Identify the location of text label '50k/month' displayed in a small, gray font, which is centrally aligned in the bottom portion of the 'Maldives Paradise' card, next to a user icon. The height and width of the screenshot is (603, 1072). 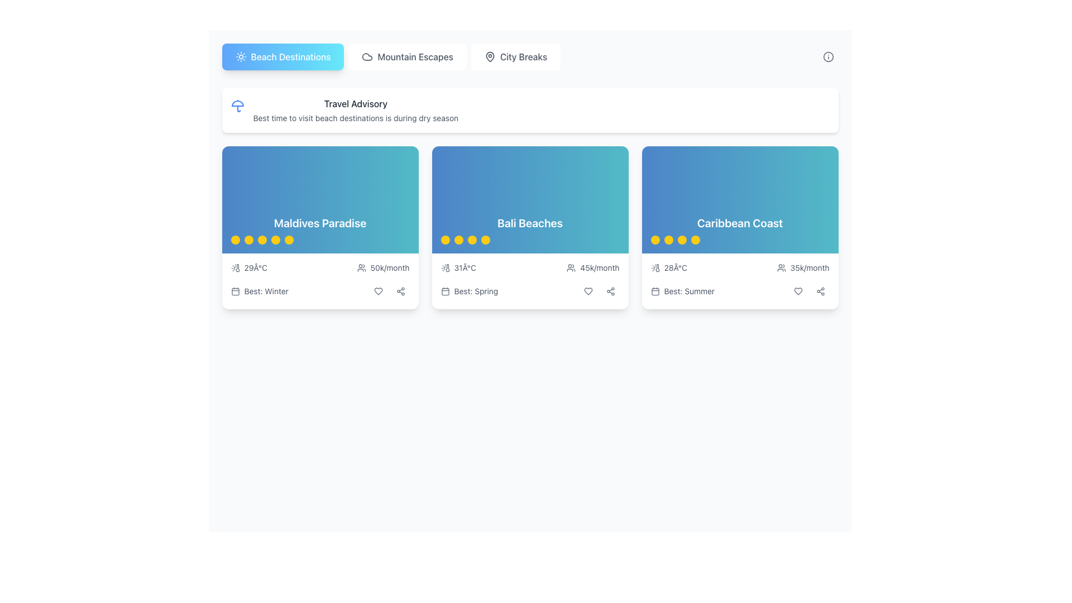
(390, 267).